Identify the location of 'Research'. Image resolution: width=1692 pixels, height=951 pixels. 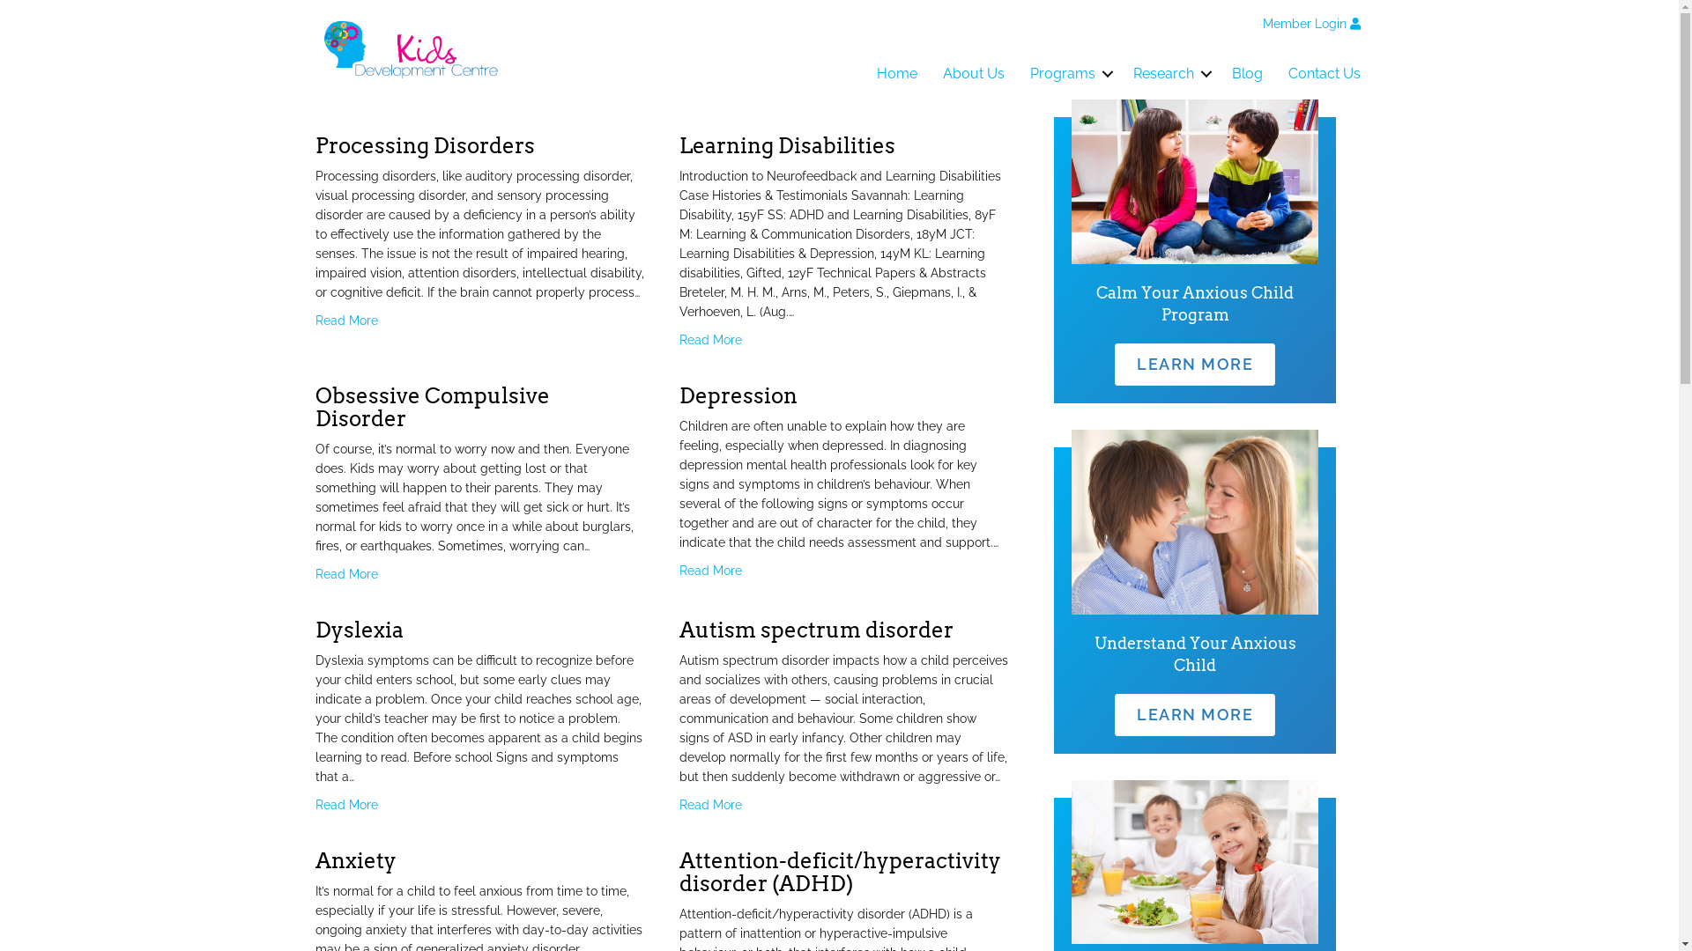
(1169, 73).